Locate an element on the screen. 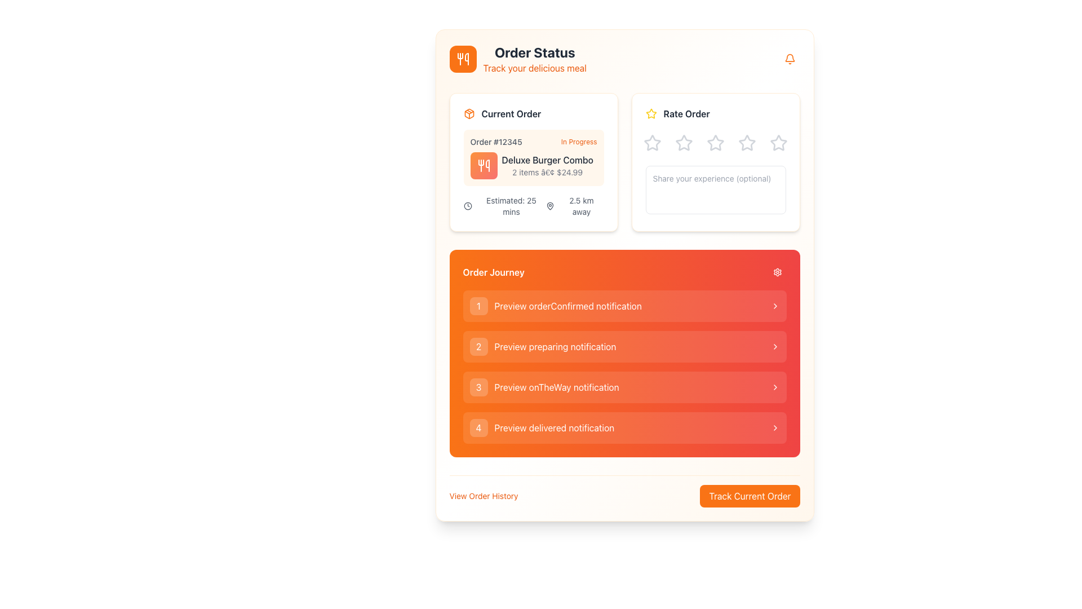  the first (leftmost) Rating Star in the 'Rate Order' section is located at coordinates (652, 143).